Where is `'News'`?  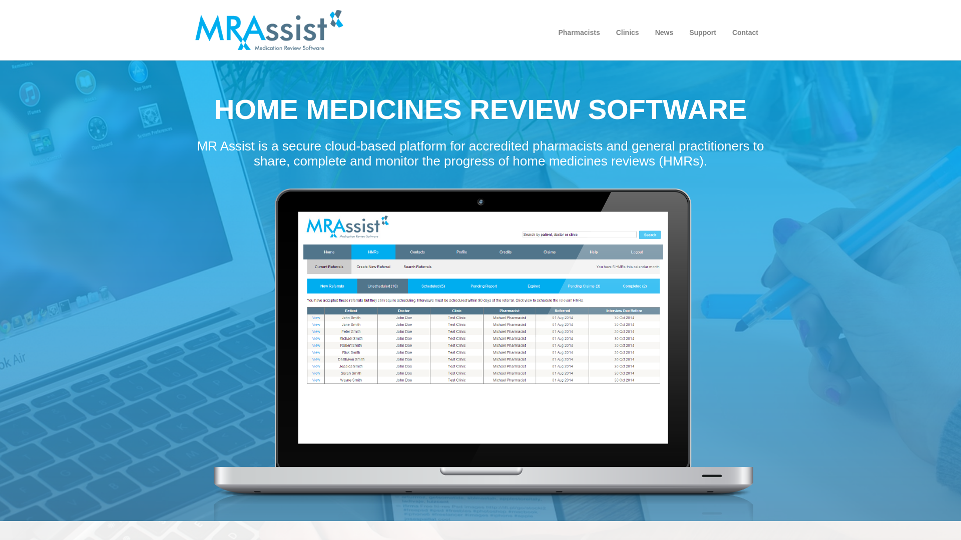
'News' is located at coordinates (664, 32).